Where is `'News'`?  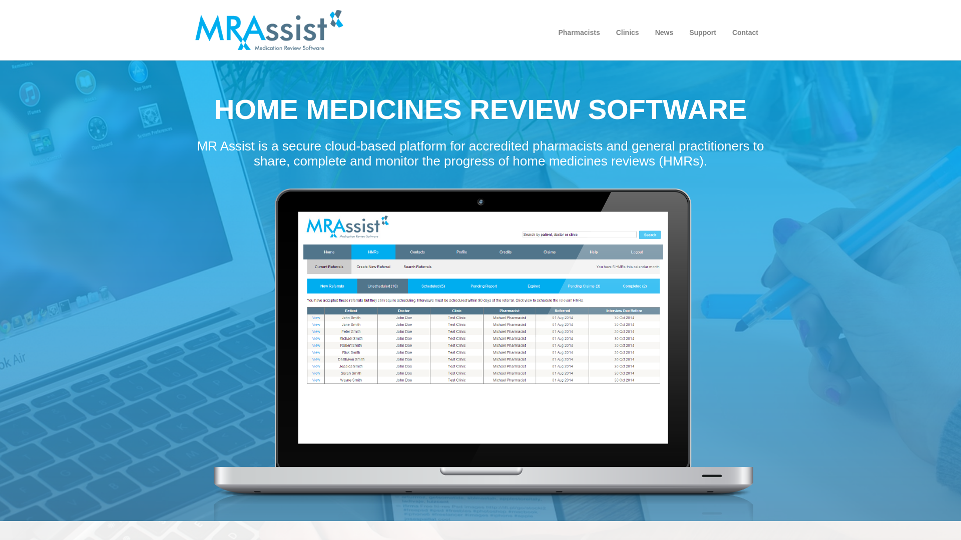
'News' is located at coordinates (664, 32).